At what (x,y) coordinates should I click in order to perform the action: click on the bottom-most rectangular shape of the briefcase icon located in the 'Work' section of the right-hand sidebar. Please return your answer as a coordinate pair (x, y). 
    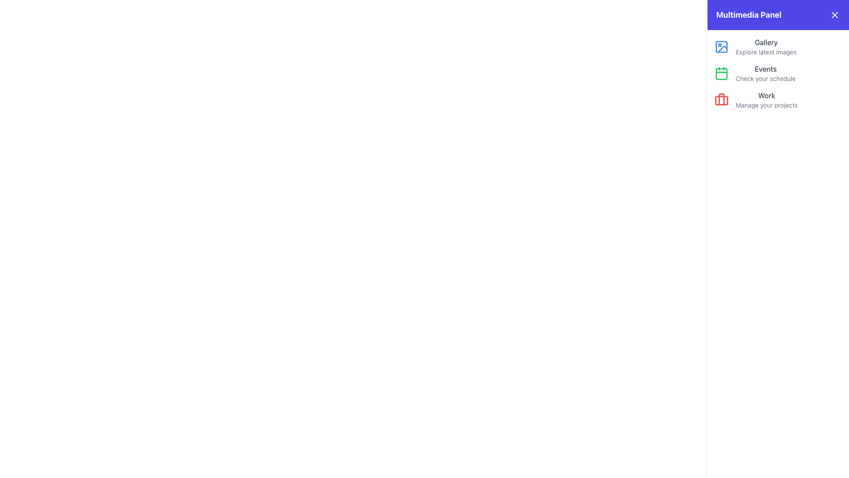
    Looking at the image, I should click on (722, 100).